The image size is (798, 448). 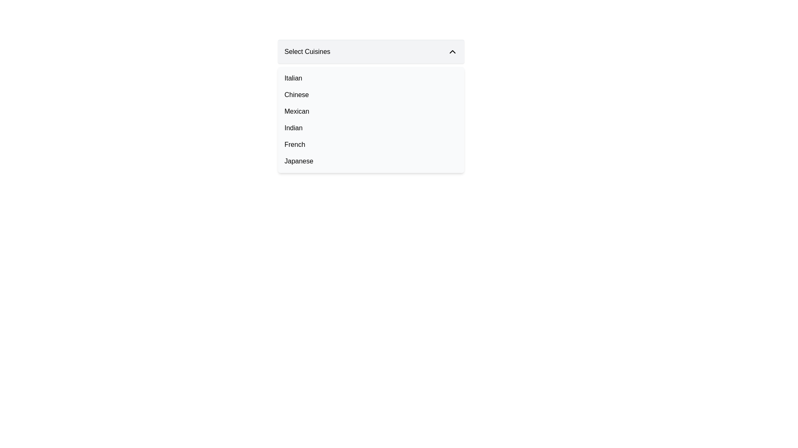 I want to click on the 'French' cuisine option text label in the dropdown menu to bring it into active view, so click(x=295, y=144).